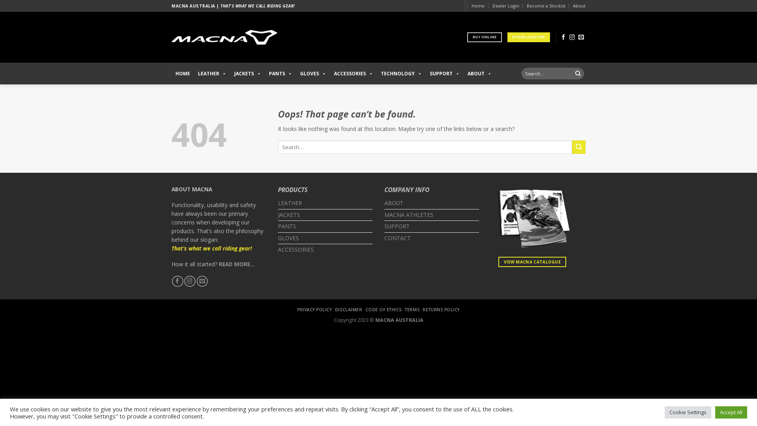  I want to click on 'TERMS', so click(405, 309).